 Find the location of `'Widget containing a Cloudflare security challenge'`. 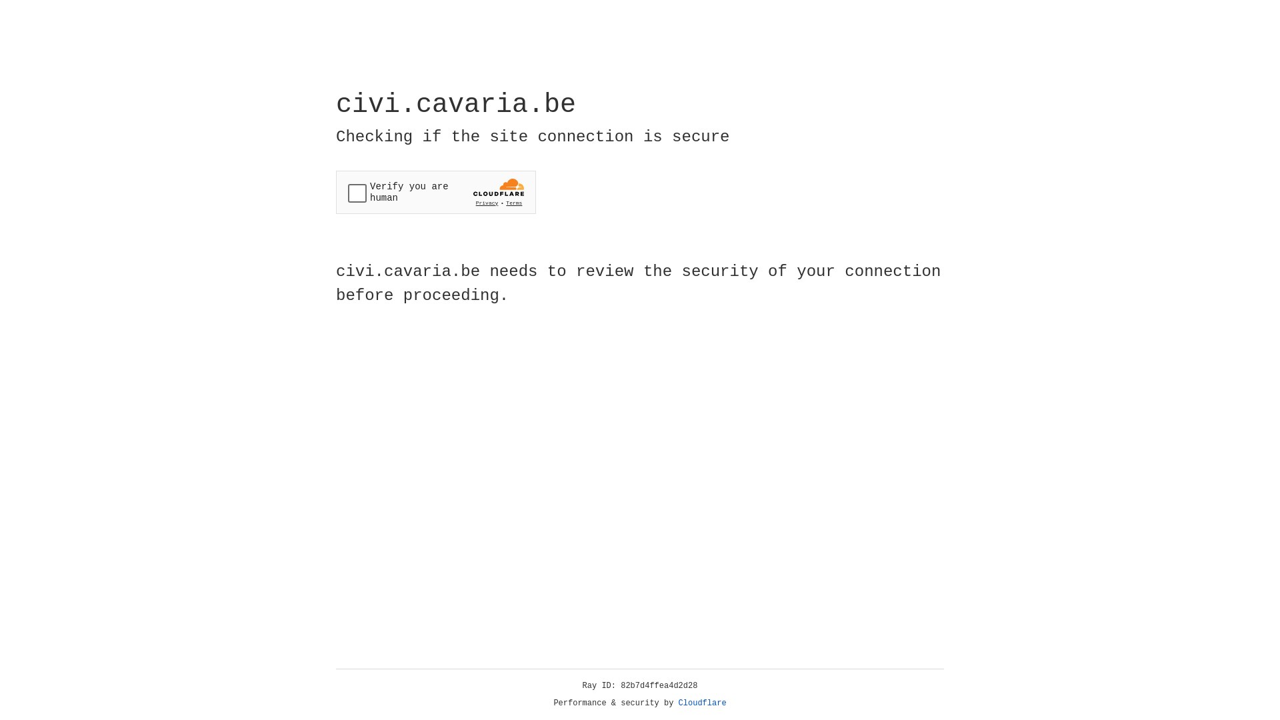

'Widget containing a Cloudflare security challenge' is located at coordinates (435, 192).